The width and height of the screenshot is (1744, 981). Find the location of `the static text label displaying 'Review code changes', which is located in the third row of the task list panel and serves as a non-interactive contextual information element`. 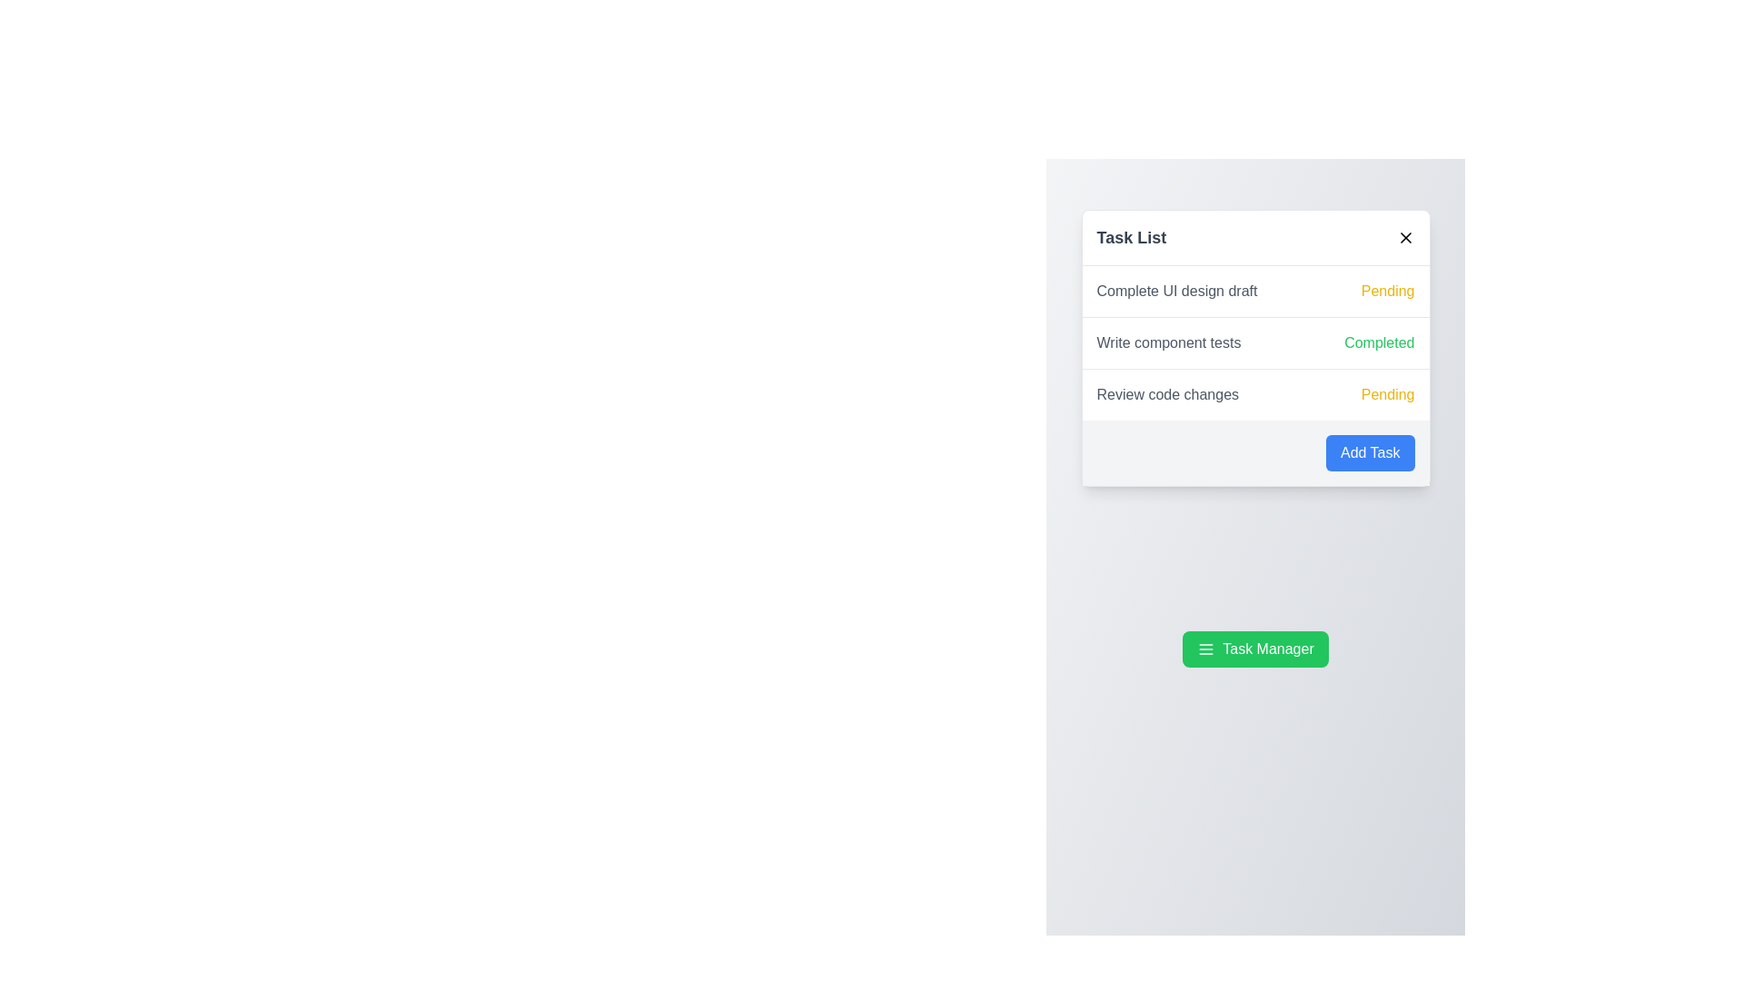

the static text label displaying 'Review code changes', which is located in the third row of the task list panel and serves as a non-interactive contextual information element is located at coordinates (1167, 394).